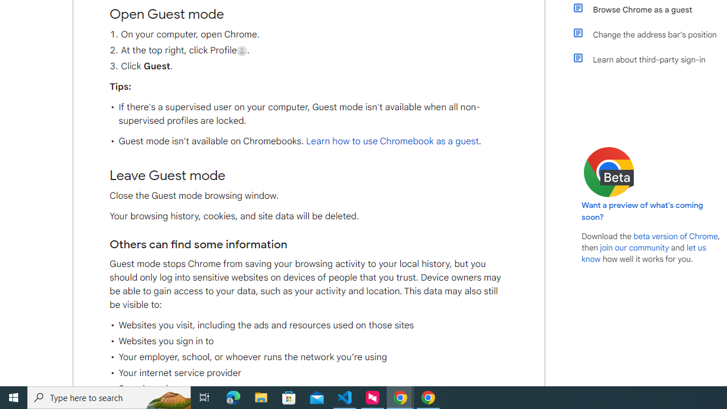 This screenshot has height=409, width=727. Describe the element at coordinates (675, 235) in the screenshot. I see `'beta version of Chrome'` at that location.